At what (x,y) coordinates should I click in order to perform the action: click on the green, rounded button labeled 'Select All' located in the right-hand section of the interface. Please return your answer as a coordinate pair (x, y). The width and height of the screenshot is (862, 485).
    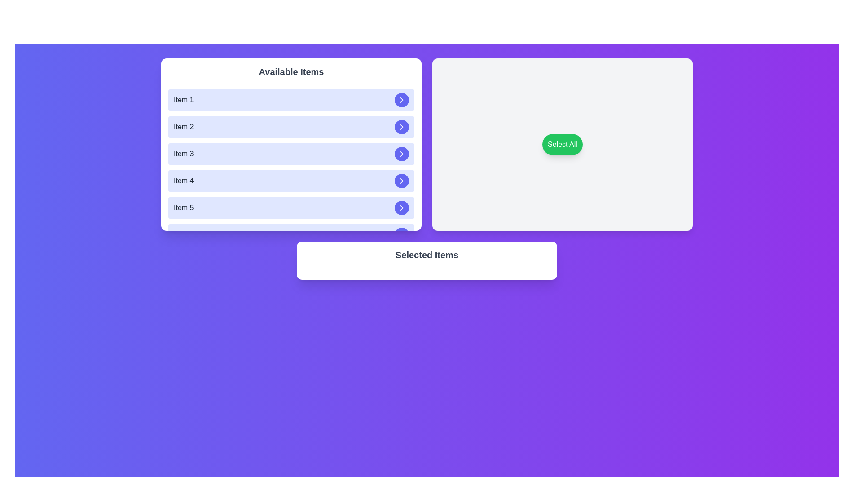
    Looking at the image, I should click on (562, 144).